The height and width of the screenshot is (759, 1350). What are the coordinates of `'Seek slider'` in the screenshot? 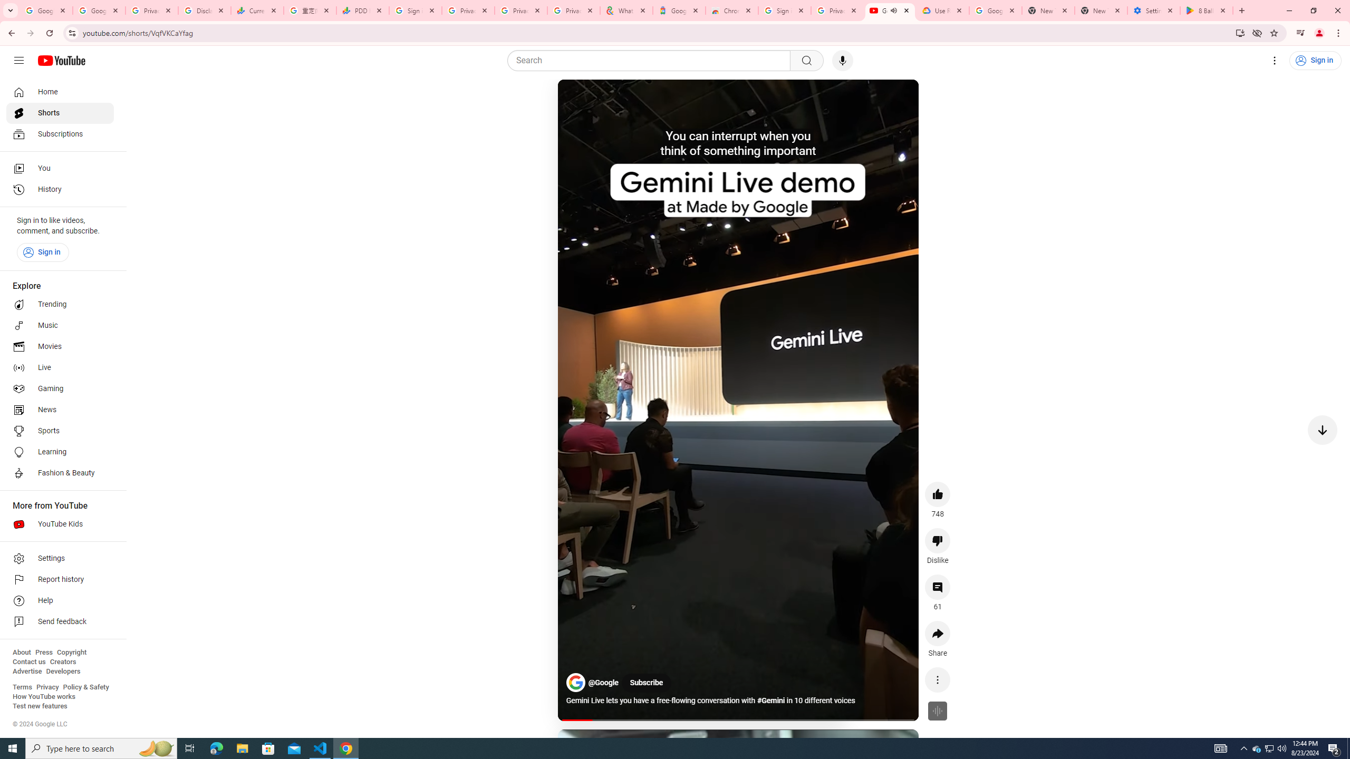 It's located at (738, 719).